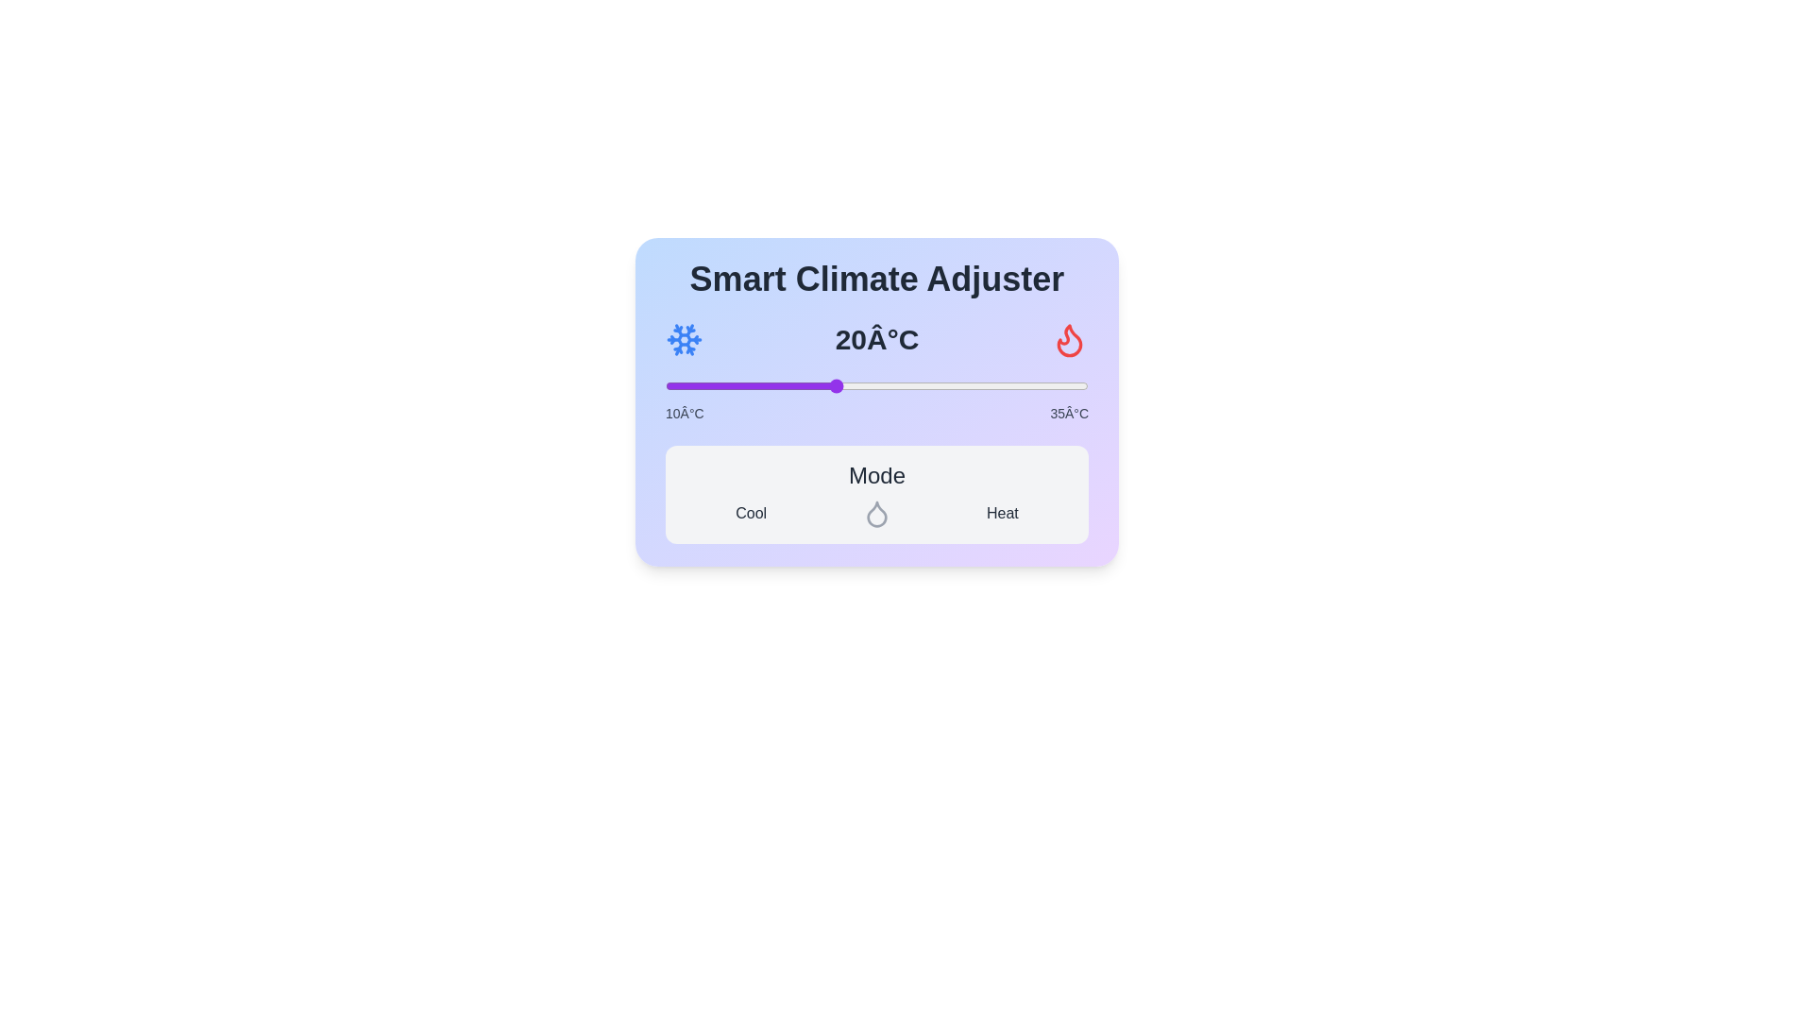  What do you see at coordinates (681, 384) in the screenshot?
I see `the temperature to 11°C using the slider` at bounding box center [681, 384].